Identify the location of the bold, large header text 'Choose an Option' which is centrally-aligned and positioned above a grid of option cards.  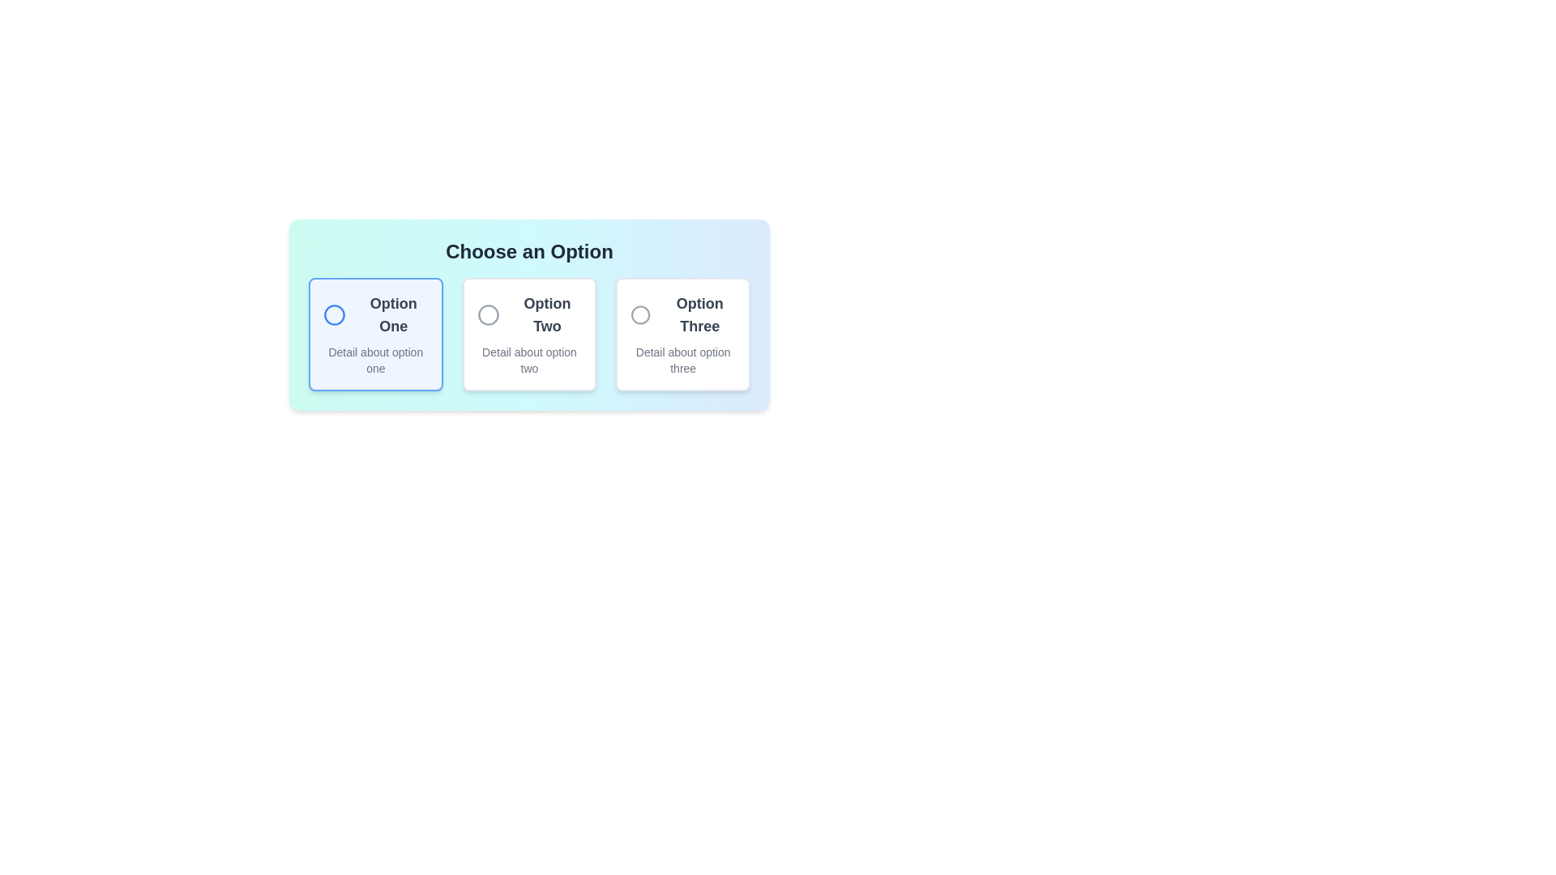
(529, 252).